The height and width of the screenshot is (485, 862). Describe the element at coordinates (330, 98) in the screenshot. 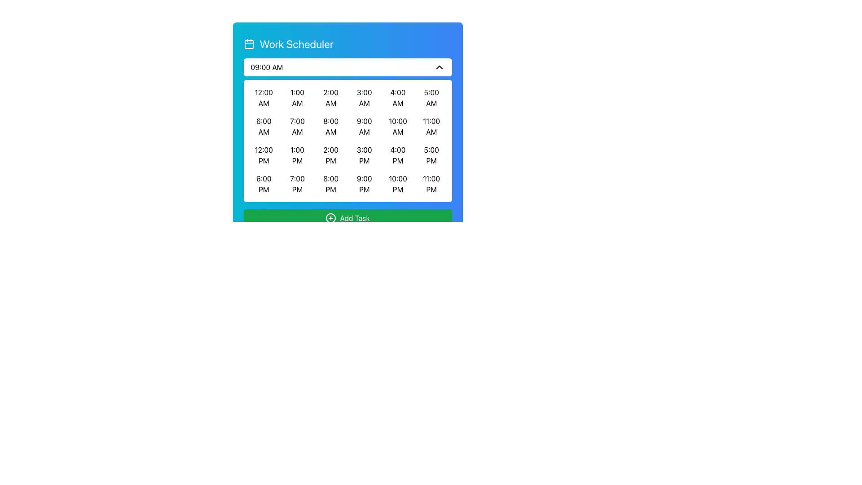

I see `the button displaying '2:00 AM', which is styled with rounded corners and changes color to blue upon hover` at that location.